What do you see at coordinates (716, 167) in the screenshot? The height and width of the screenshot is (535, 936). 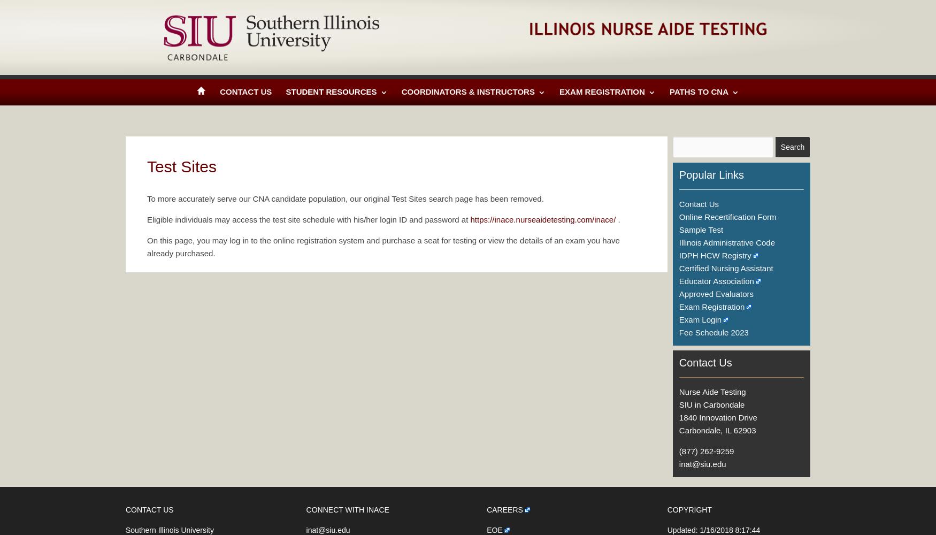 I see `'Test Accommodations'` at bounding box center [716, 167].